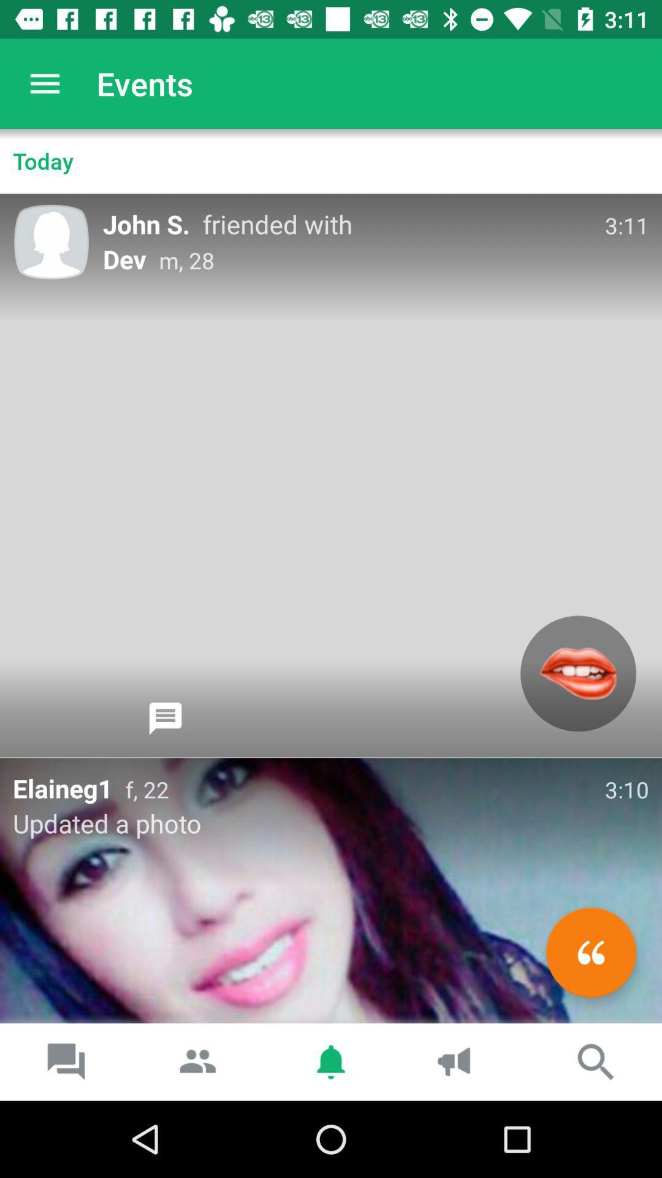 The width and height of the screenshot is (662, 1178). What do you see at coordinates (44, 83) in the screenshot?
I see `app next to events item` at bounding box center [44, 83].